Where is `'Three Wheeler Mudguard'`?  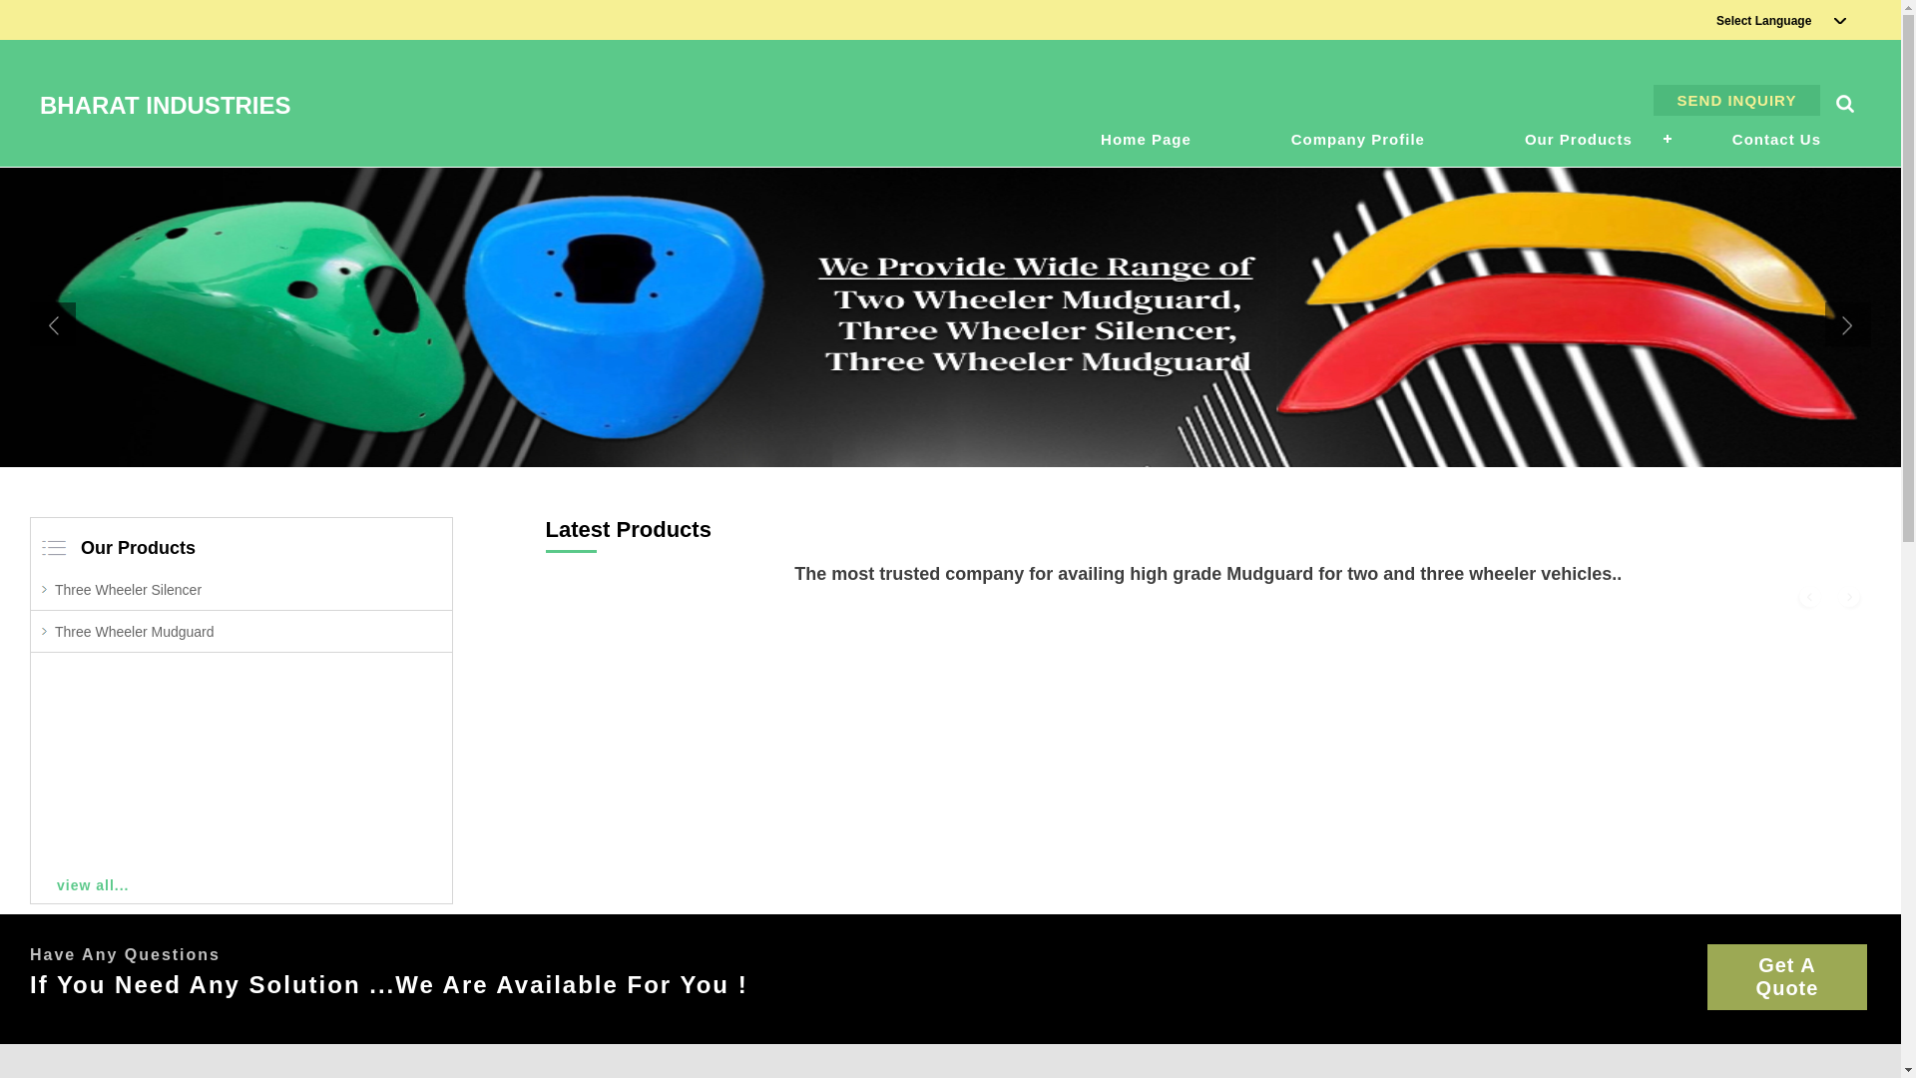
'Three Wheeler Mudguard' is located at coordinates (133, 631).